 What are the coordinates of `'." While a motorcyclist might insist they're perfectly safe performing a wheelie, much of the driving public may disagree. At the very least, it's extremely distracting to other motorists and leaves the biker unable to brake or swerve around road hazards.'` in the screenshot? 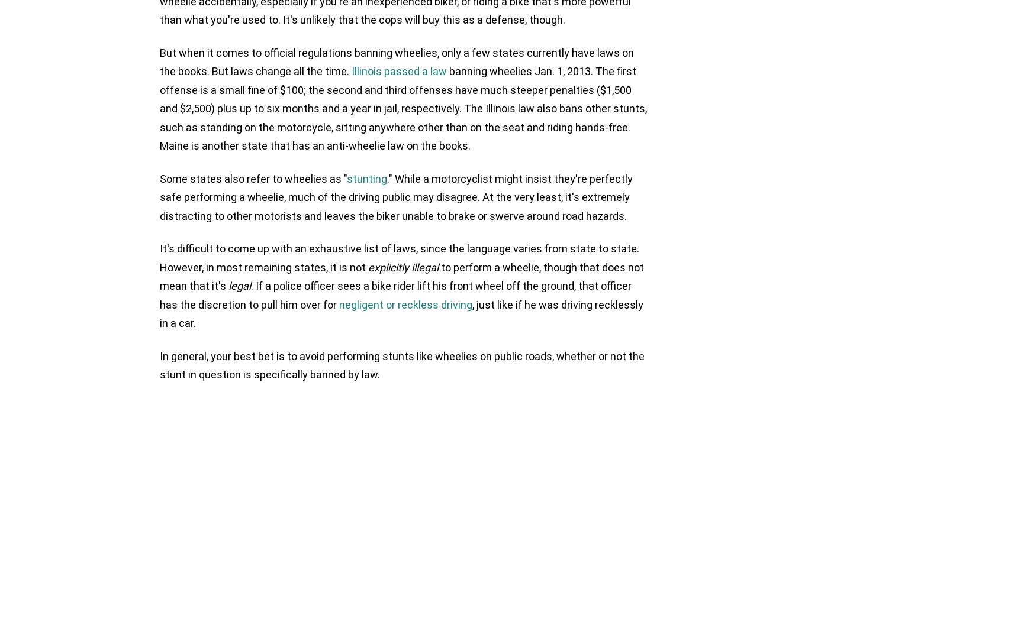 It's located at (396, 196).